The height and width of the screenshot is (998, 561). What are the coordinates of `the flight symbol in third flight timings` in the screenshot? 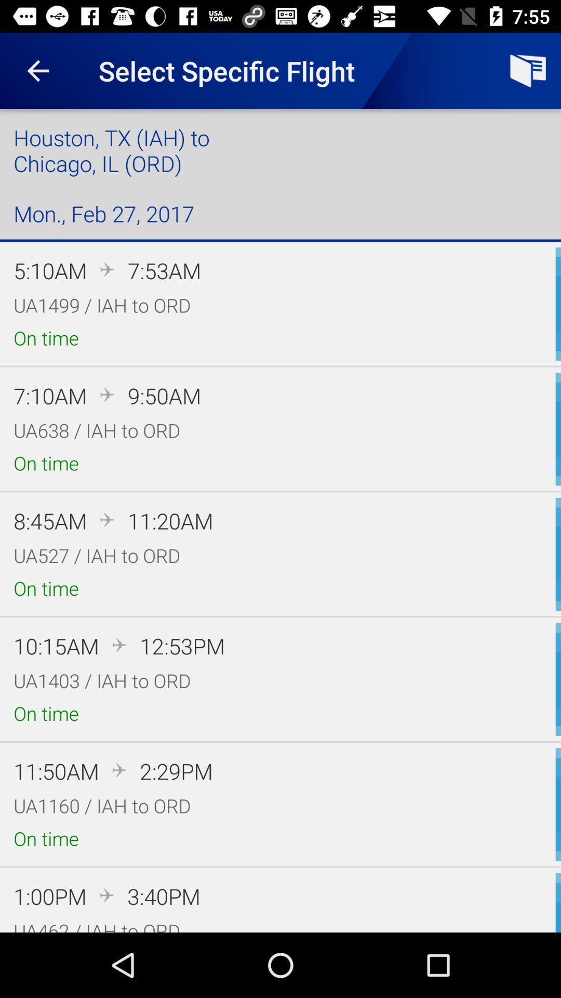 It's located at (108, 519).